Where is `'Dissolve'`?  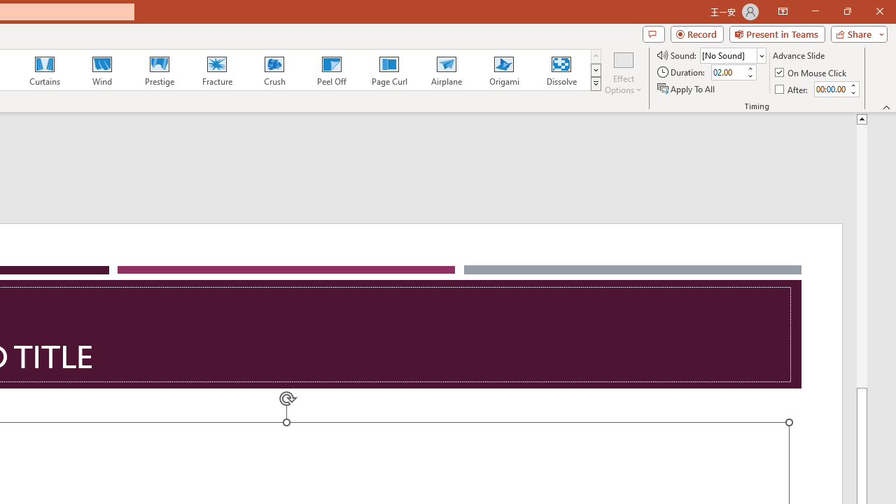
'Dissolve' is located at coordinates (561, 70).